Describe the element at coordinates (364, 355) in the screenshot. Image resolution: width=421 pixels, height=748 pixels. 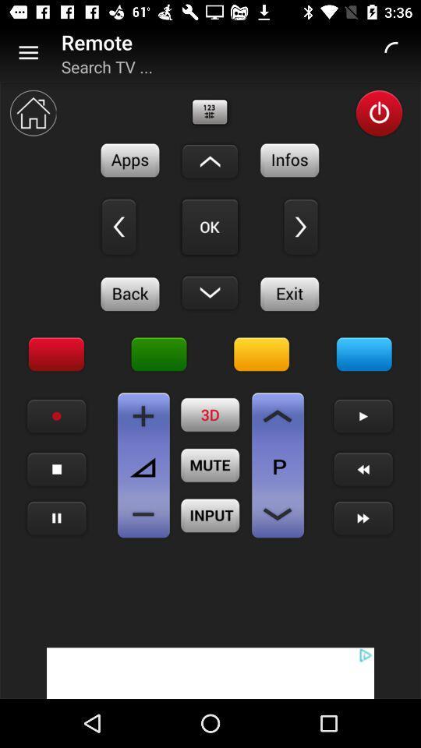
I see `bring up the tv menu` at that location.